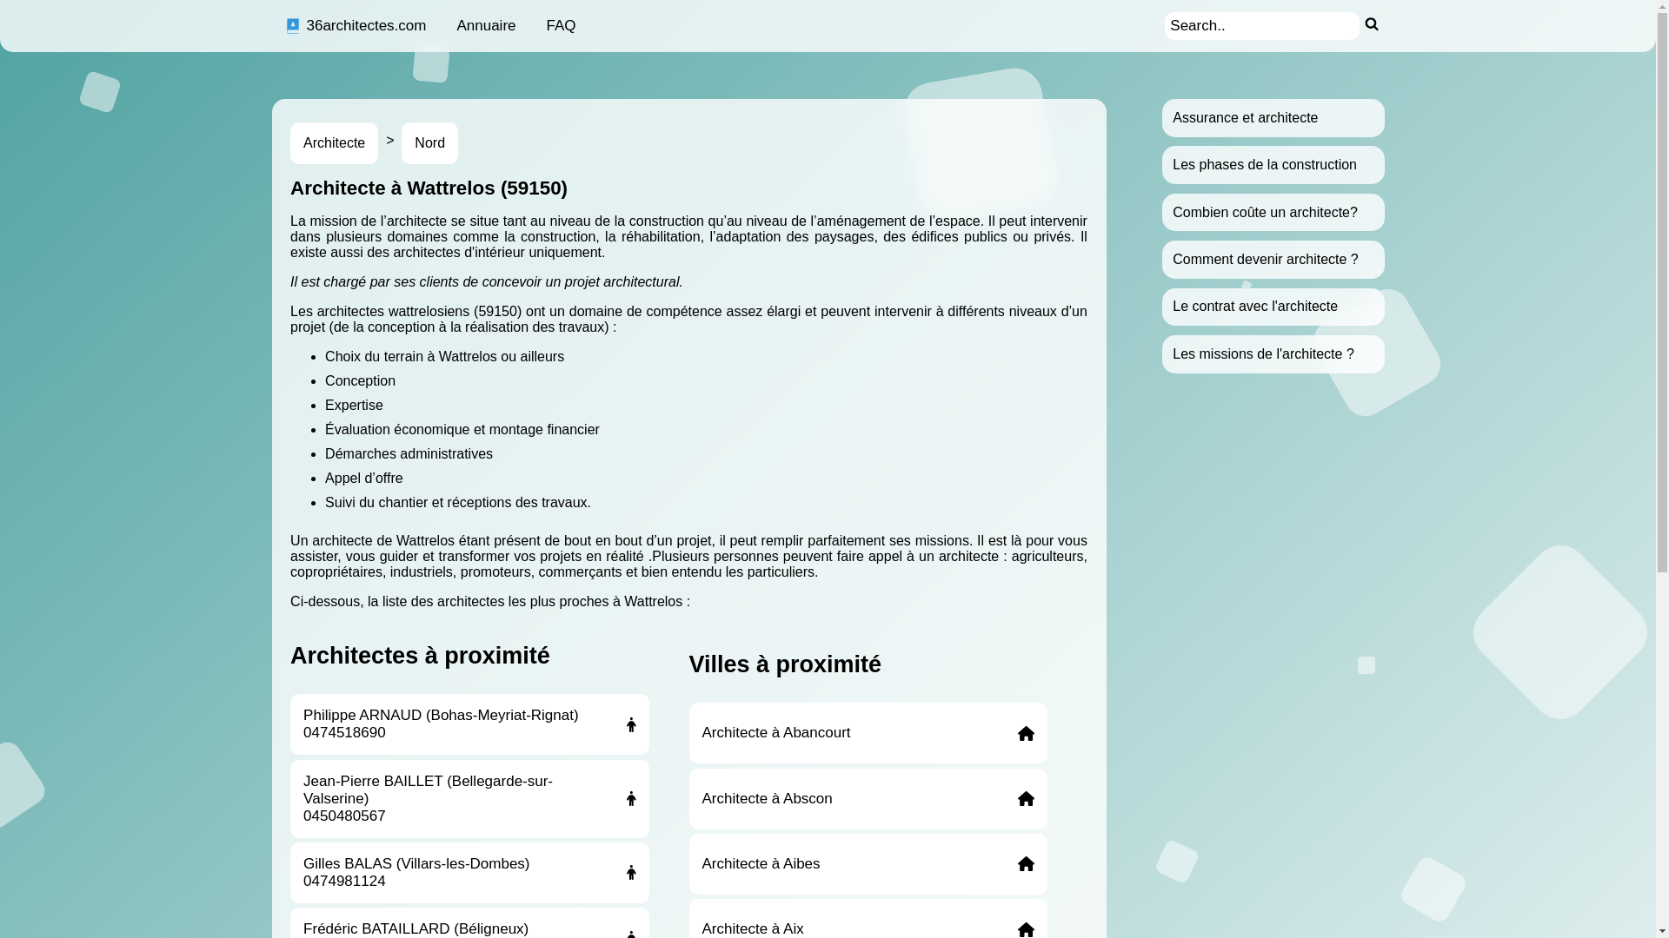 The height and width of the screenshot is (938, 1669). What do you see at coordinates (354, 26) in the screenshot?
I see `'36architectes.com'` at bounding box center [354, 26].